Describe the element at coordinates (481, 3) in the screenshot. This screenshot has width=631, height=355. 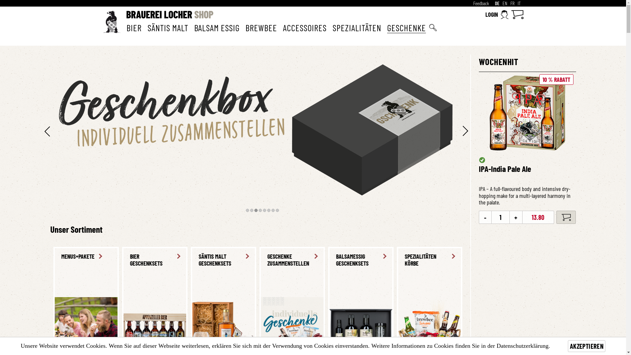
I see `'Feedback'` at that location.